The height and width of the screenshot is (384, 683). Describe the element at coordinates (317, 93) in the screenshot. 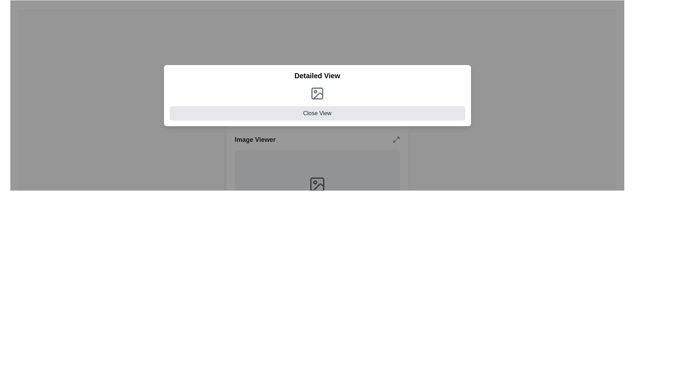

I see `the image-related icon located at the top-center of the 'Detailed View' modal, right above the 'Close View' button` at that location.